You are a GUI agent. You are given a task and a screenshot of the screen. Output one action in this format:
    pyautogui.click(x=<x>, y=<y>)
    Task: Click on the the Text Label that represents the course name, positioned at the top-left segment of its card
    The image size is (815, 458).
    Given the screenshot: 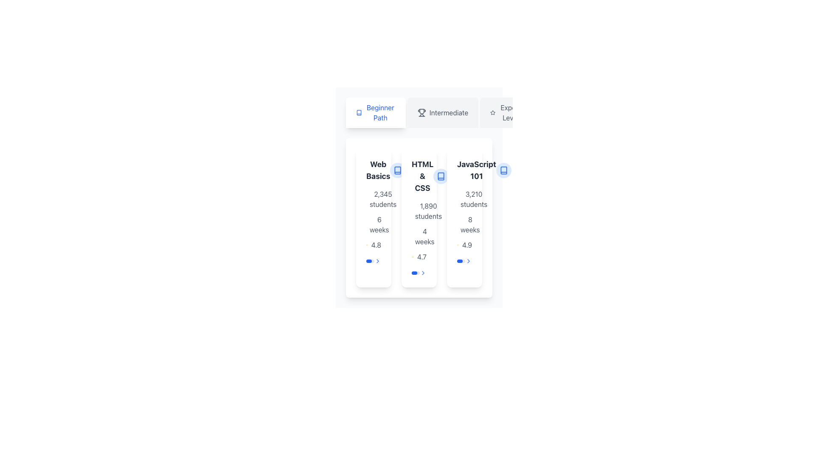 What is the action you would take?
    pyautogui.click(x=374, y=170)
    